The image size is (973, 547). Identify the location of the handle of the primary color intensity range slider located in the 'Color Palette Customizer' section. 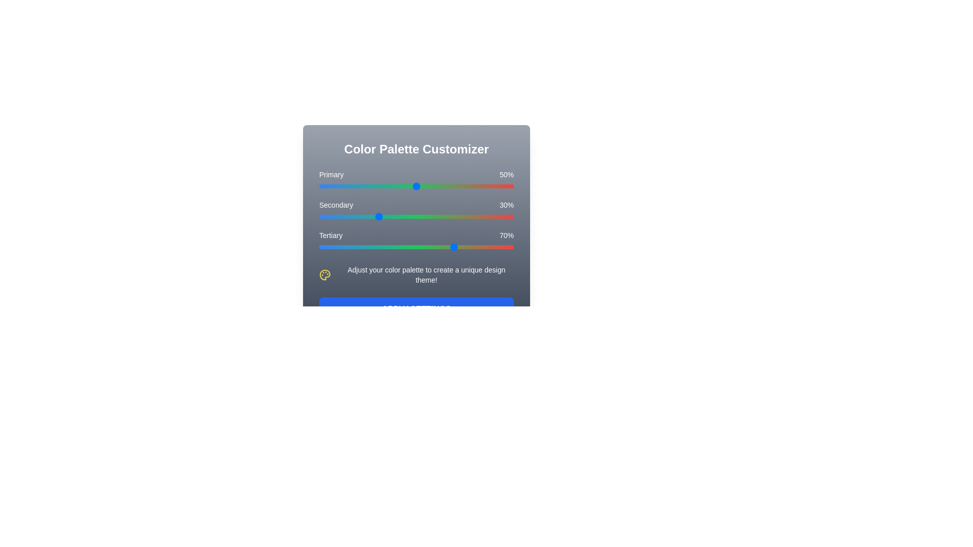
(416, 180).